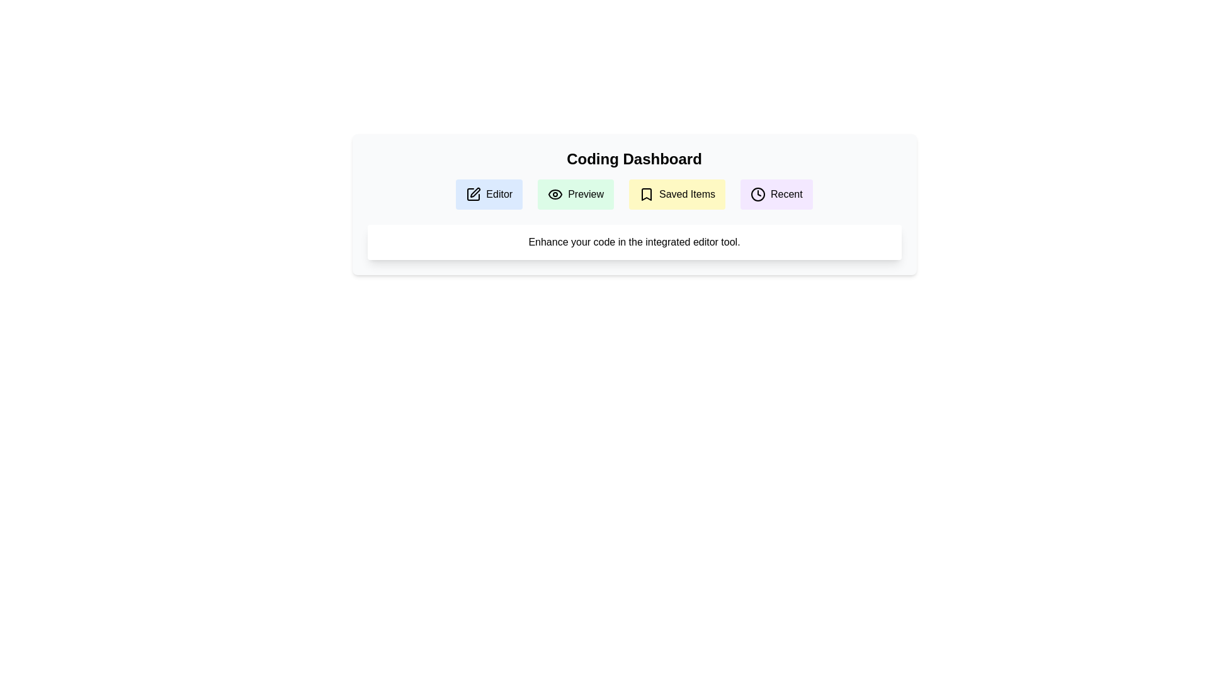  What do you see at coordinates (676, 194) in the screenshot?
I see `the third button in the 'Coding Dashboard' that navigates to saved items, located between the 'Preview' and 'Recent' buttons` at bounding box center [676, 194].